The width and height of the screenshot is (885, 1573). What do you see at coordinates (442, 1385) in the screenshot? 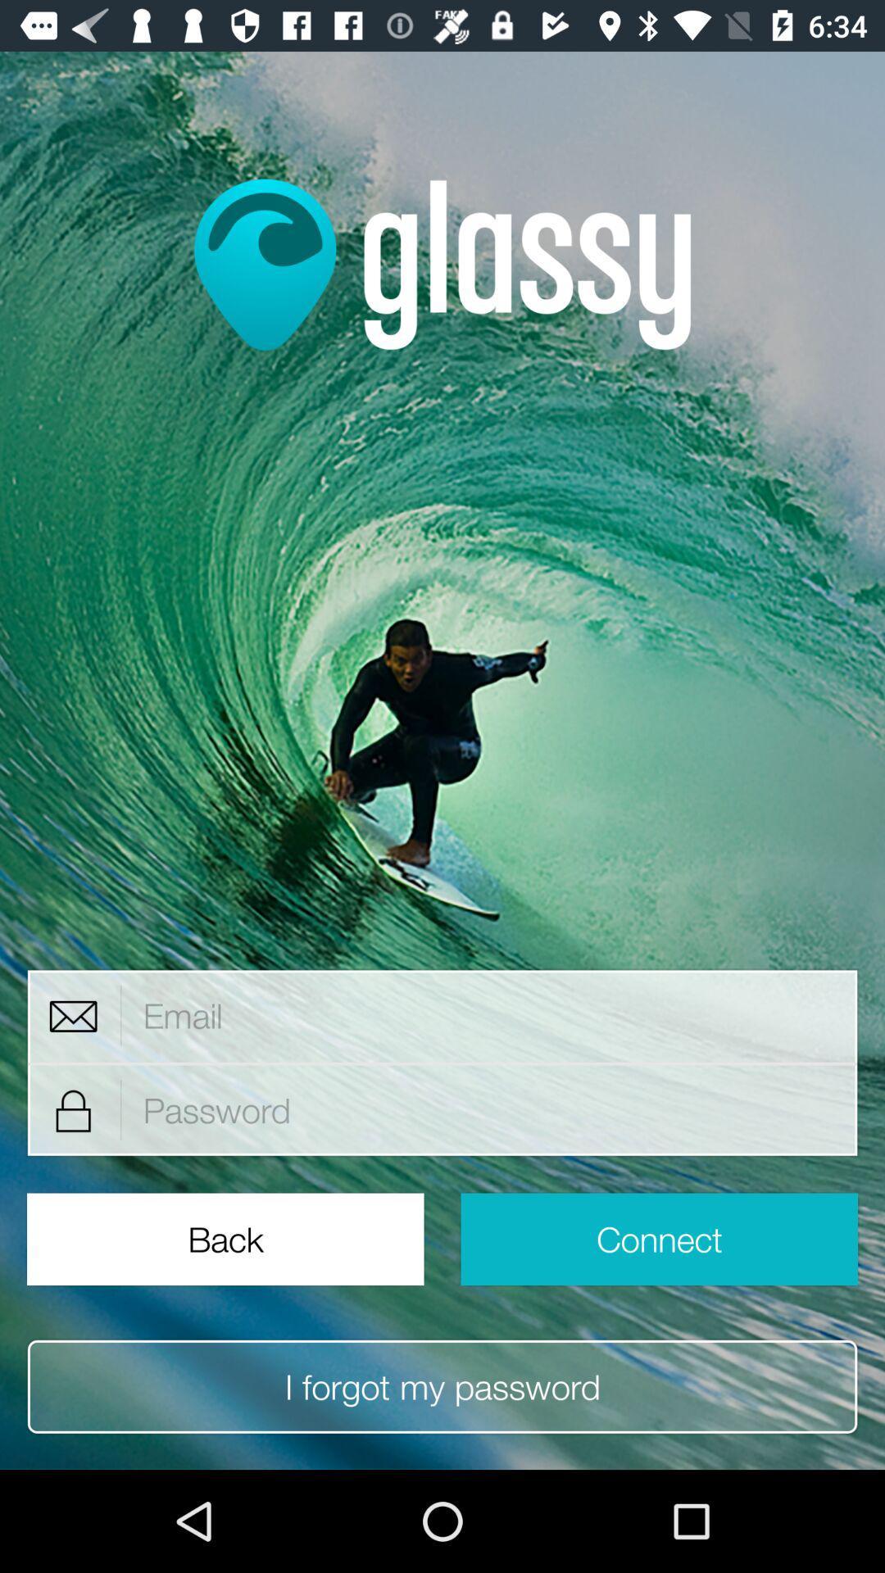
I see `the item below the back` at bounding box center [442, 1385].